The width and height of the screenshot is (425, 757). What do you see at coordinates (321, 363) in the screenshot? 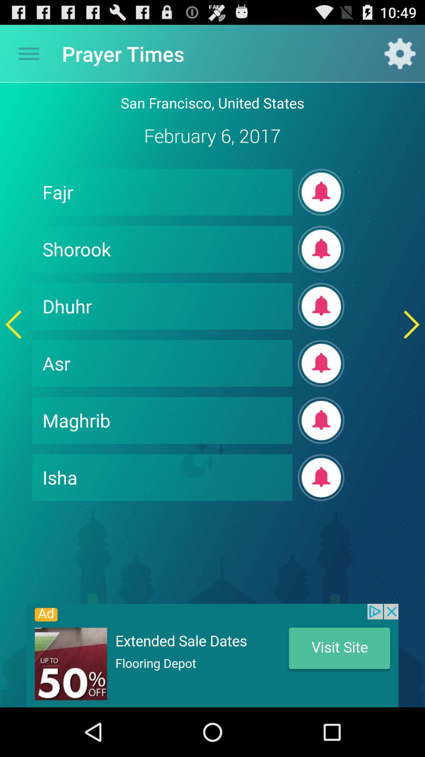
I see `alarm` at bounding box center [321, 363].